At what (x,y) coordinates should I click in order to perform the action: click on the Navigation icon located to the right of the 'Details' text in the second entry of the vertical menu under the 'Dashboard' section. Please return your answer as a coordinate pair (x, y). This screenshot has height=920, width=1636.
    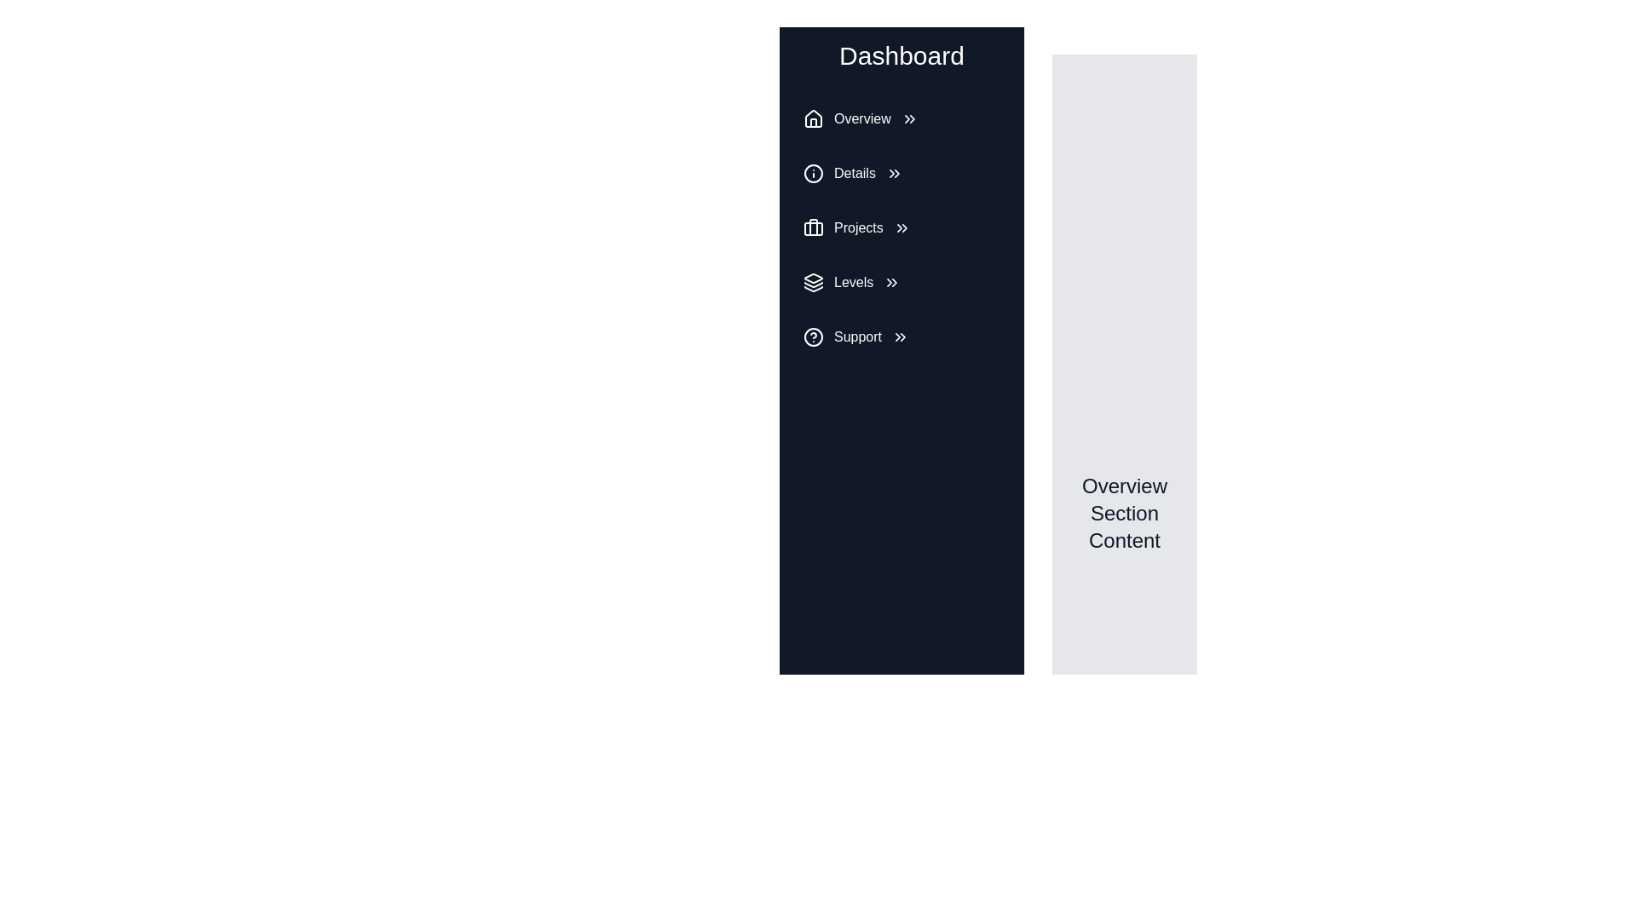
    Looking at the image, I should click on (893, 174).